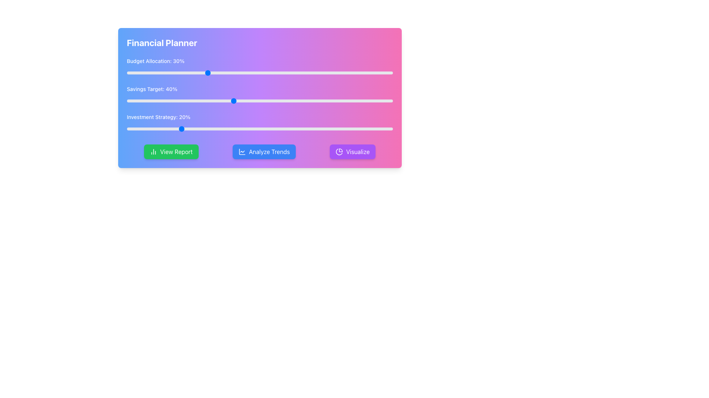 The image size is (709, 398). What do you see at coordinates (198, 73) in the screenshot?
I see `the slider value` at bounding box center [198, 73].